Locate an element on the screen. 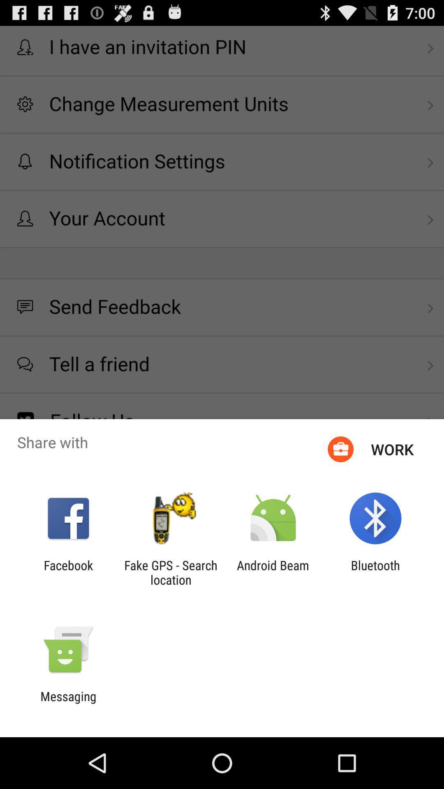 Image resolution: width=444 pixels, height=789 pixels. app next to facebook is located at coordinates (170, 572).